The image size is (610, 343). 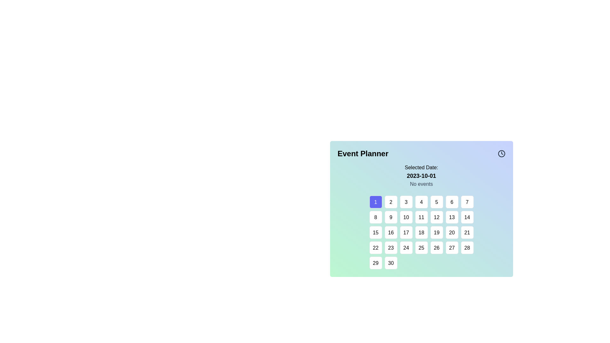 I want to click on the square button labeled '30' with a white background and rounded corners, so click(x=390, y=263).